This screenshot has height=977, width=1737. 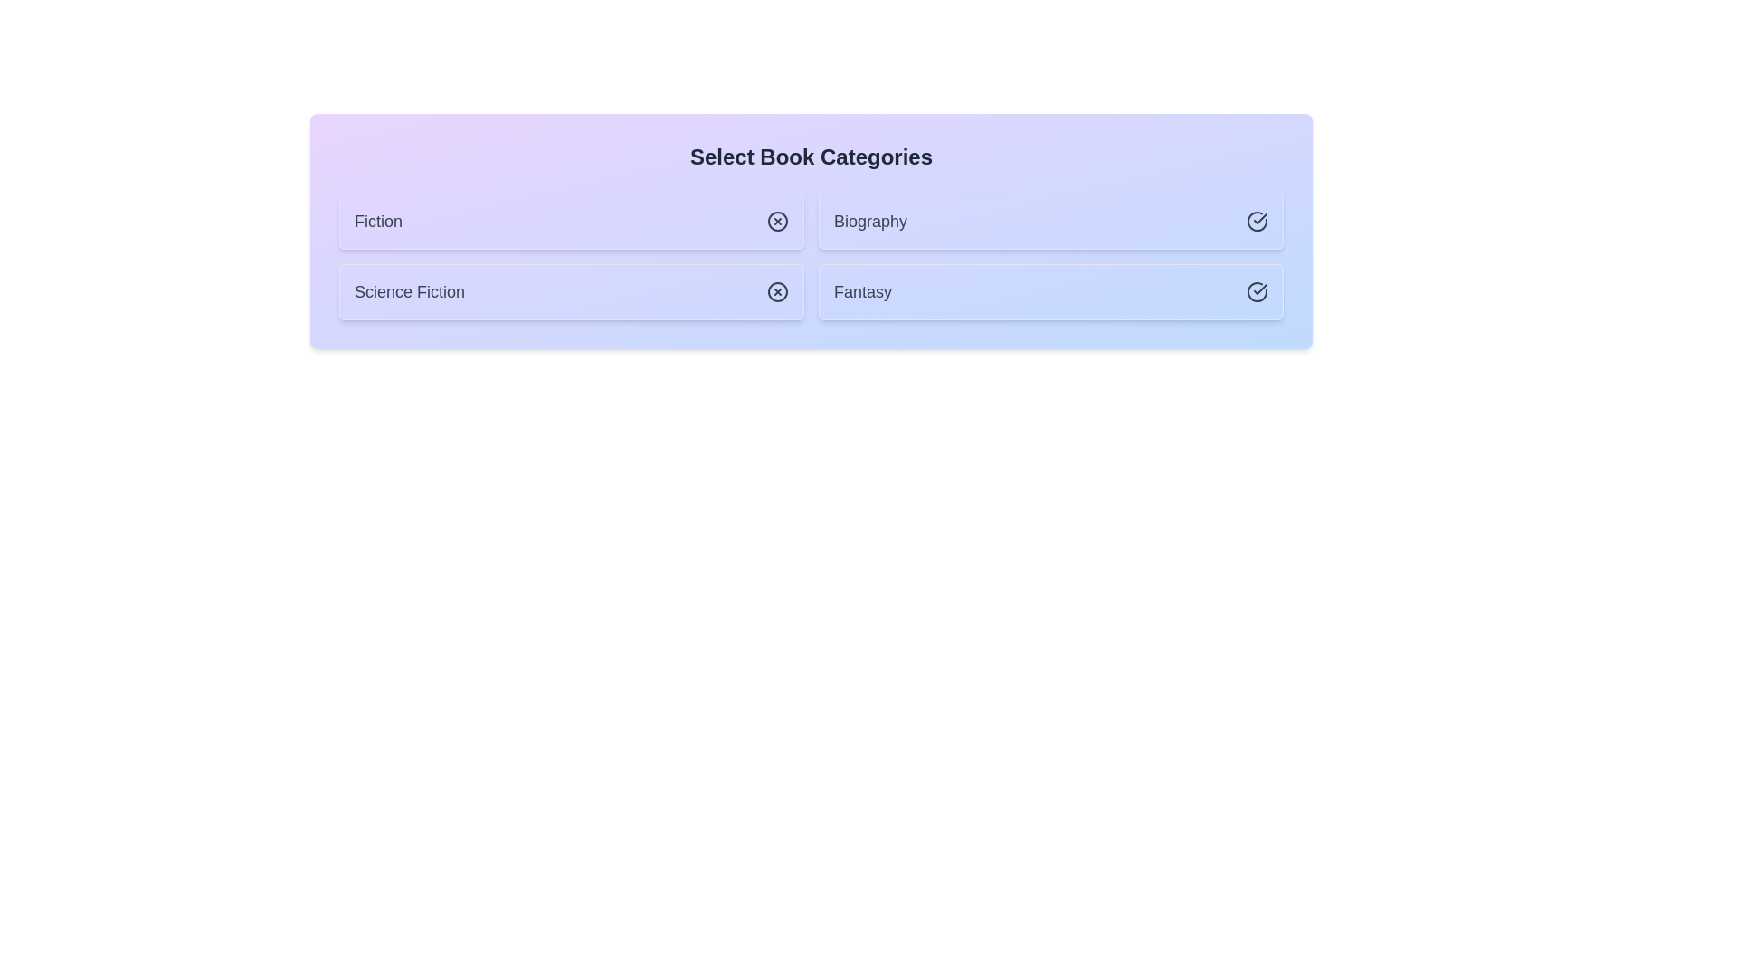 What do you see at coordinates (571, 291) in the screenshot?
I see `the chip labeled Science Fiction` at bounding box center [571, 291].